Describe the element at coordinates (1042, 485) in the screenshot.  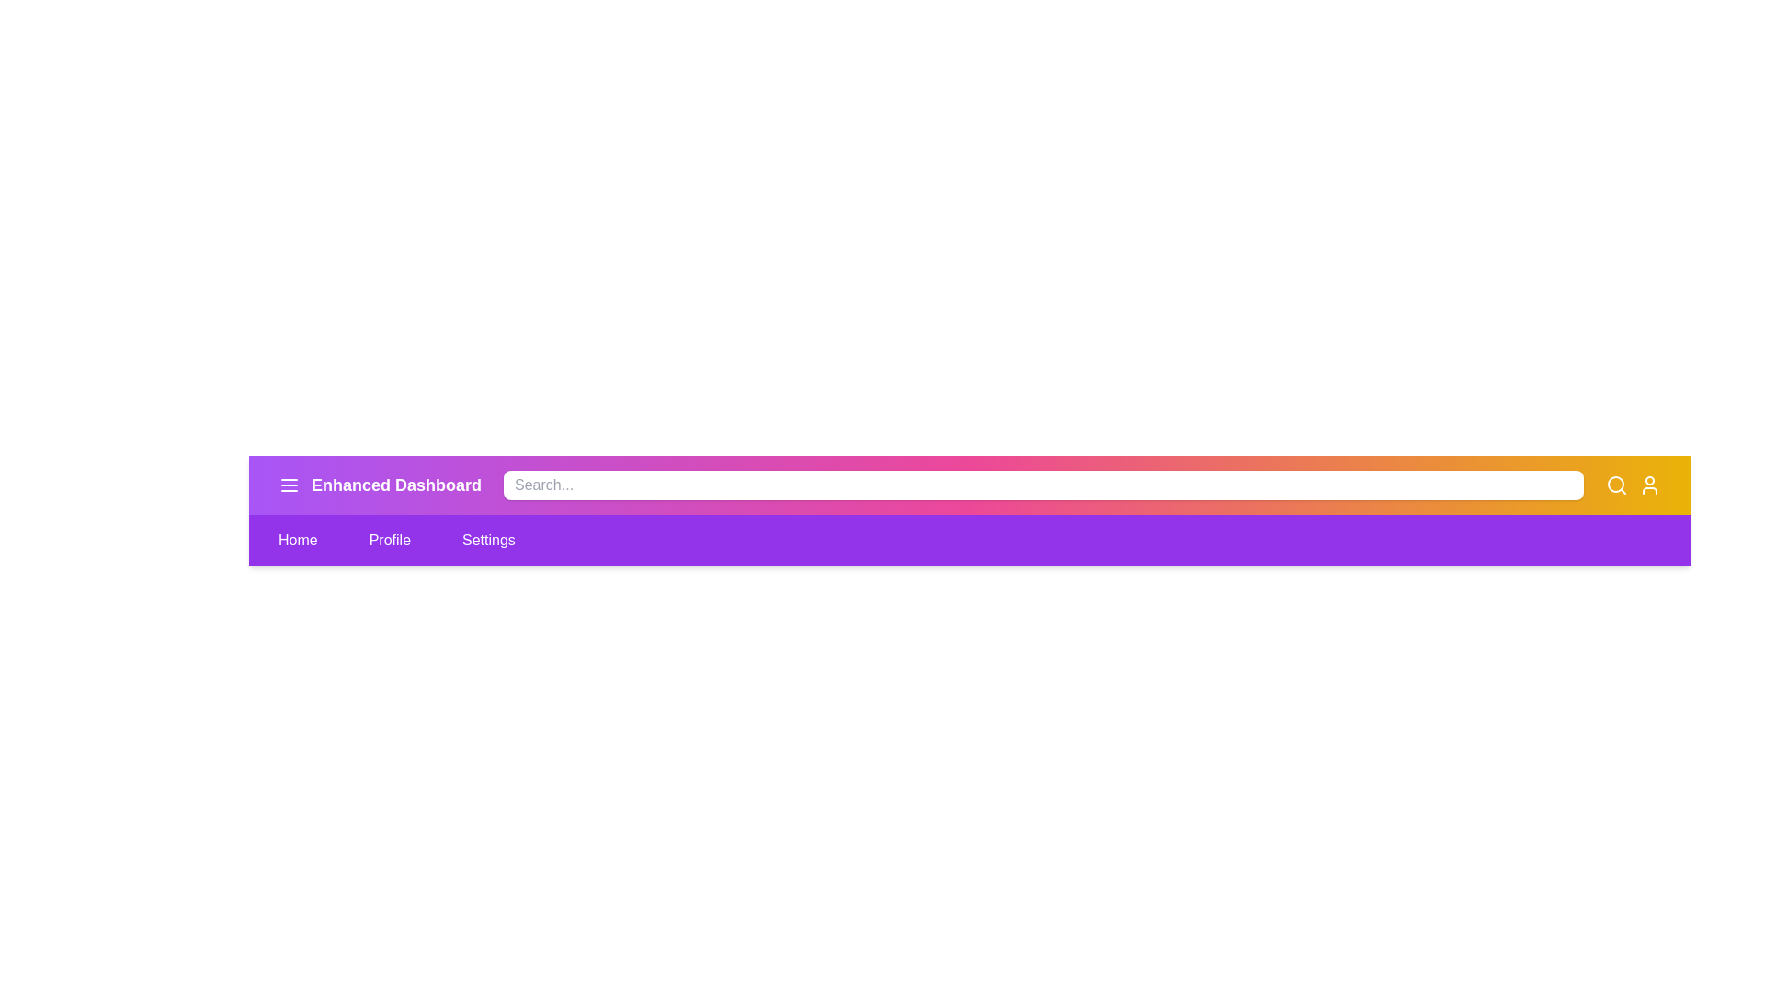
I see `the search bar and type 'example text'` at that location.